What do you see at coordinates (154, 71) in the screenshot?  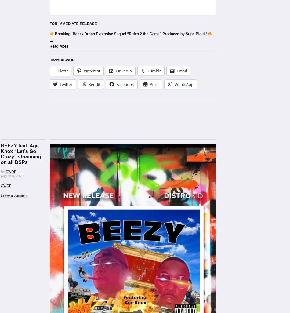 I see `'Tumblr'` at bounding box center [154, 71].